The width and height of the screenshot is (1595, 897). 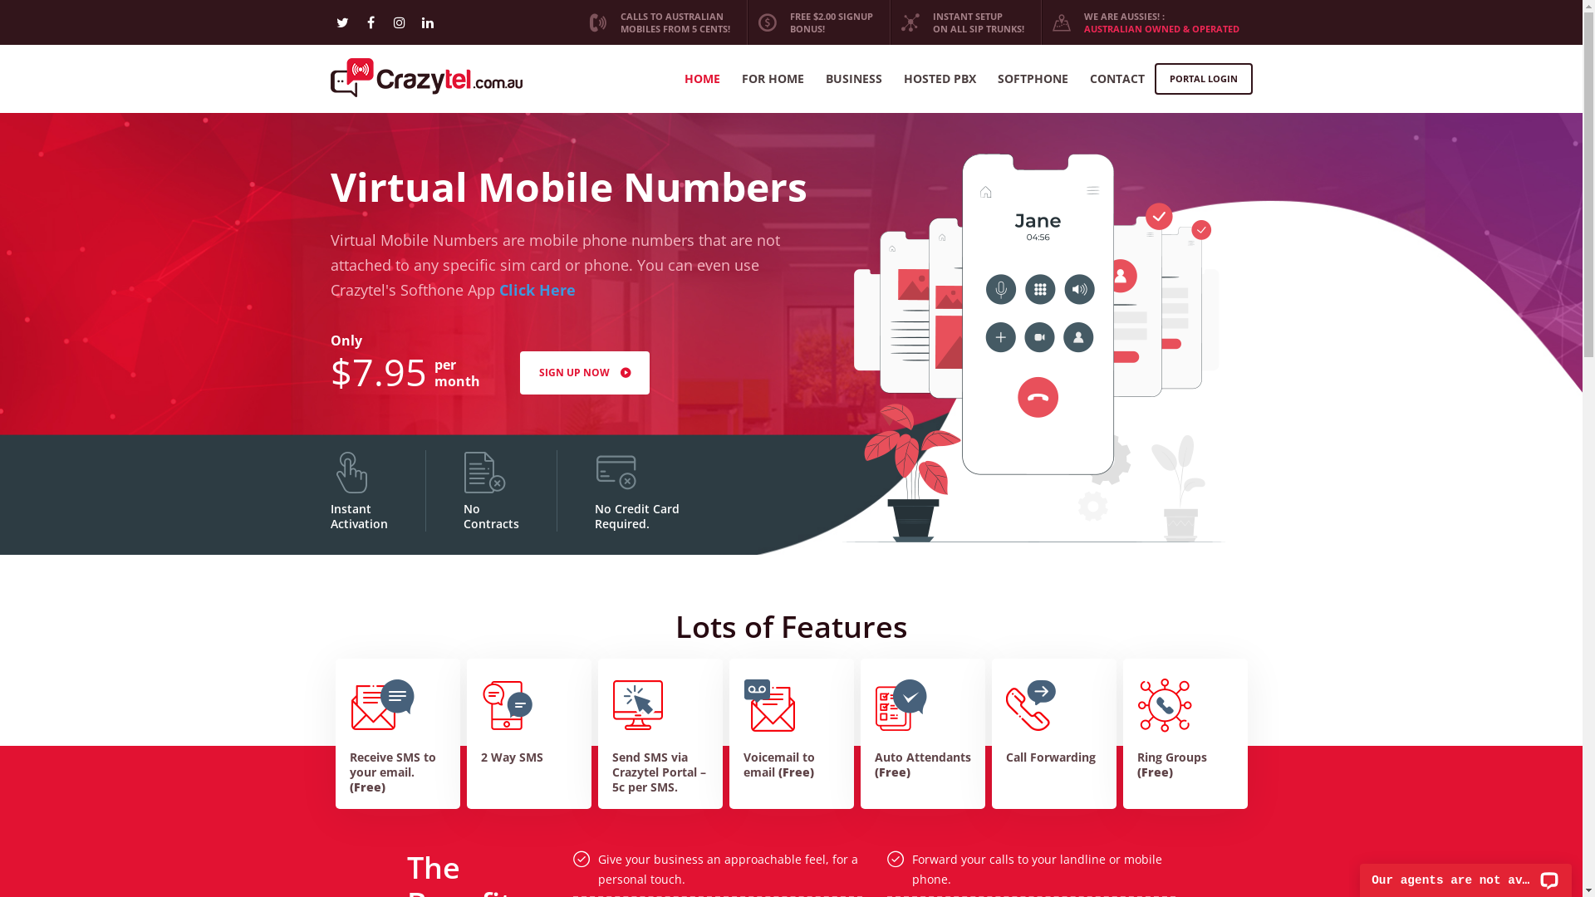 What do you see at coordinates (997, 79) in the screenshot?
I see `'SOFTPHONE'` at bounding box center [997, 79].